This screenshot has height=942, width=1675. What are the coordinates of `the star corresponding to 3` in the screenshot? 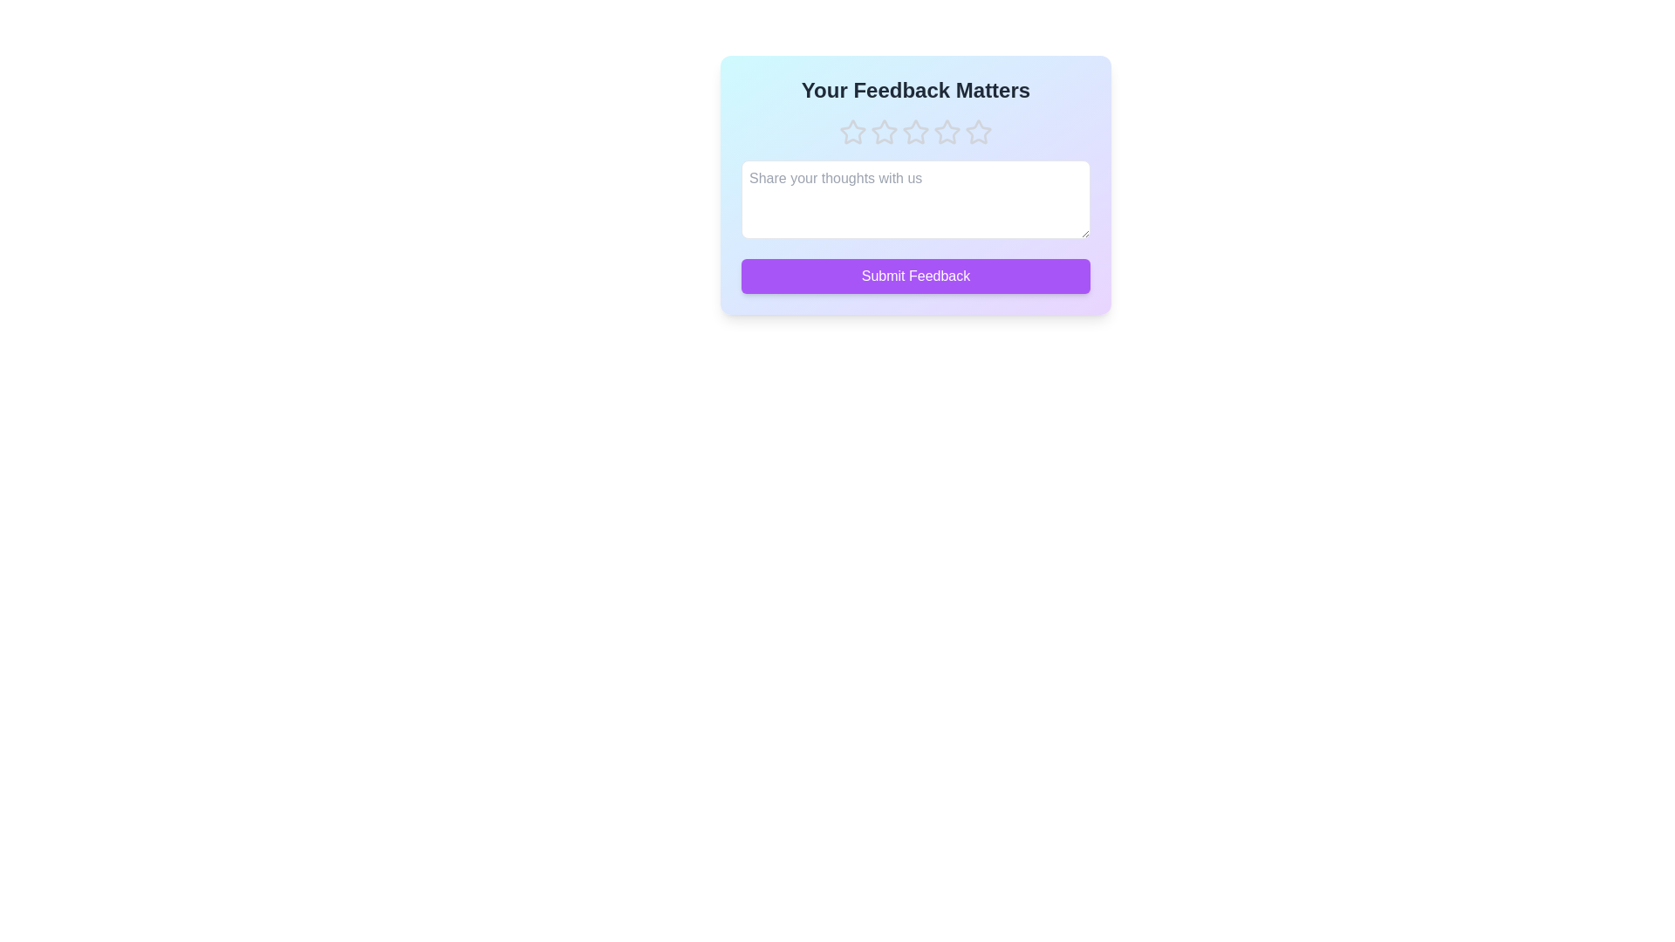 It's located at (915, 131).